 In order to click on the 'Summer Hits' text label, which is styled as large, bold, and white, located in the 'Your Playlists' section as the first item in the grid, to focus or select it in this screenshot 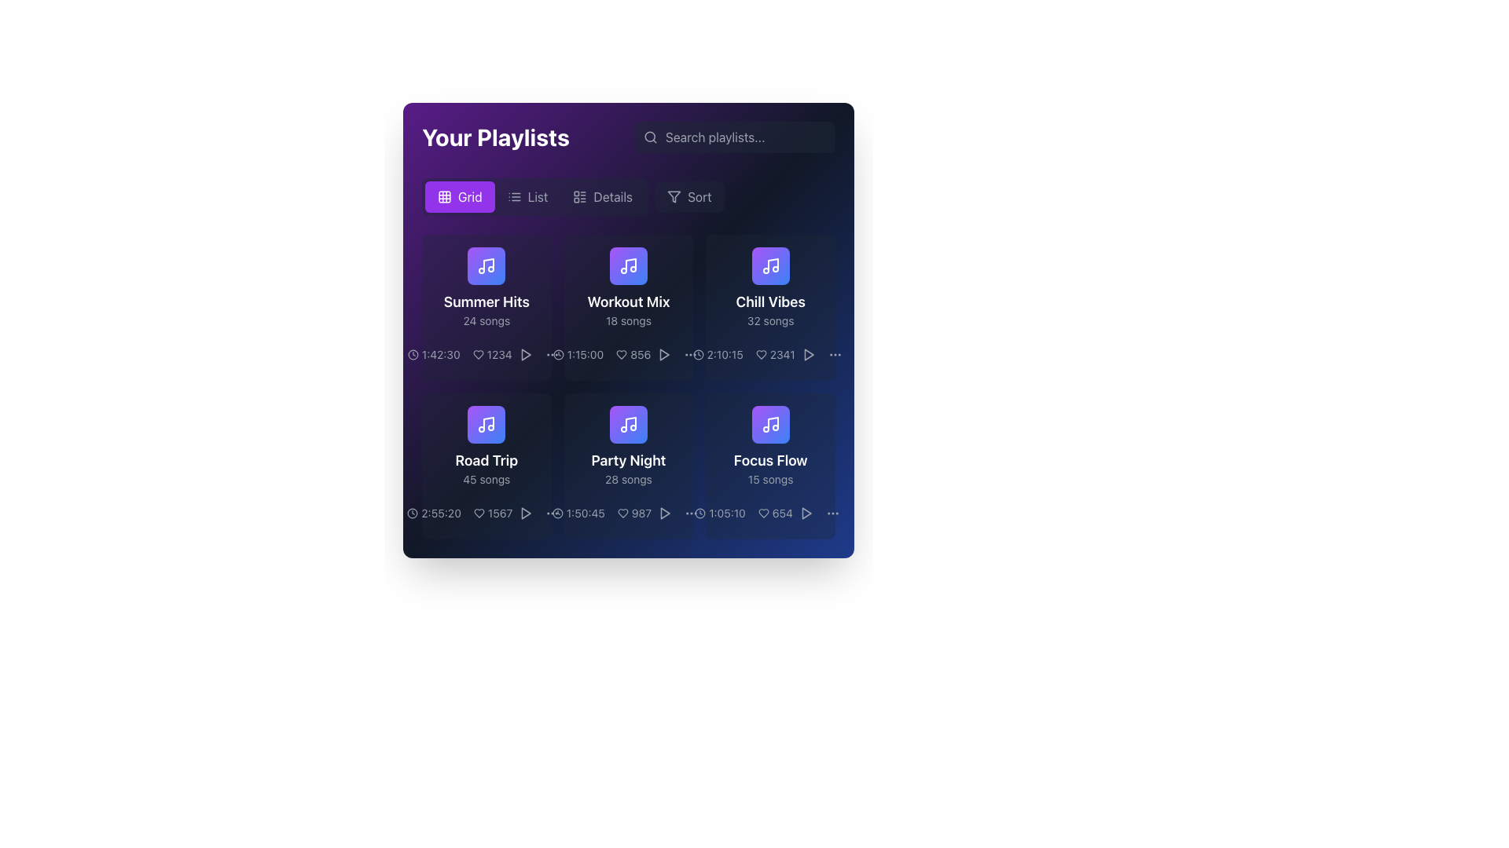, I will do `click(486, 309)`.